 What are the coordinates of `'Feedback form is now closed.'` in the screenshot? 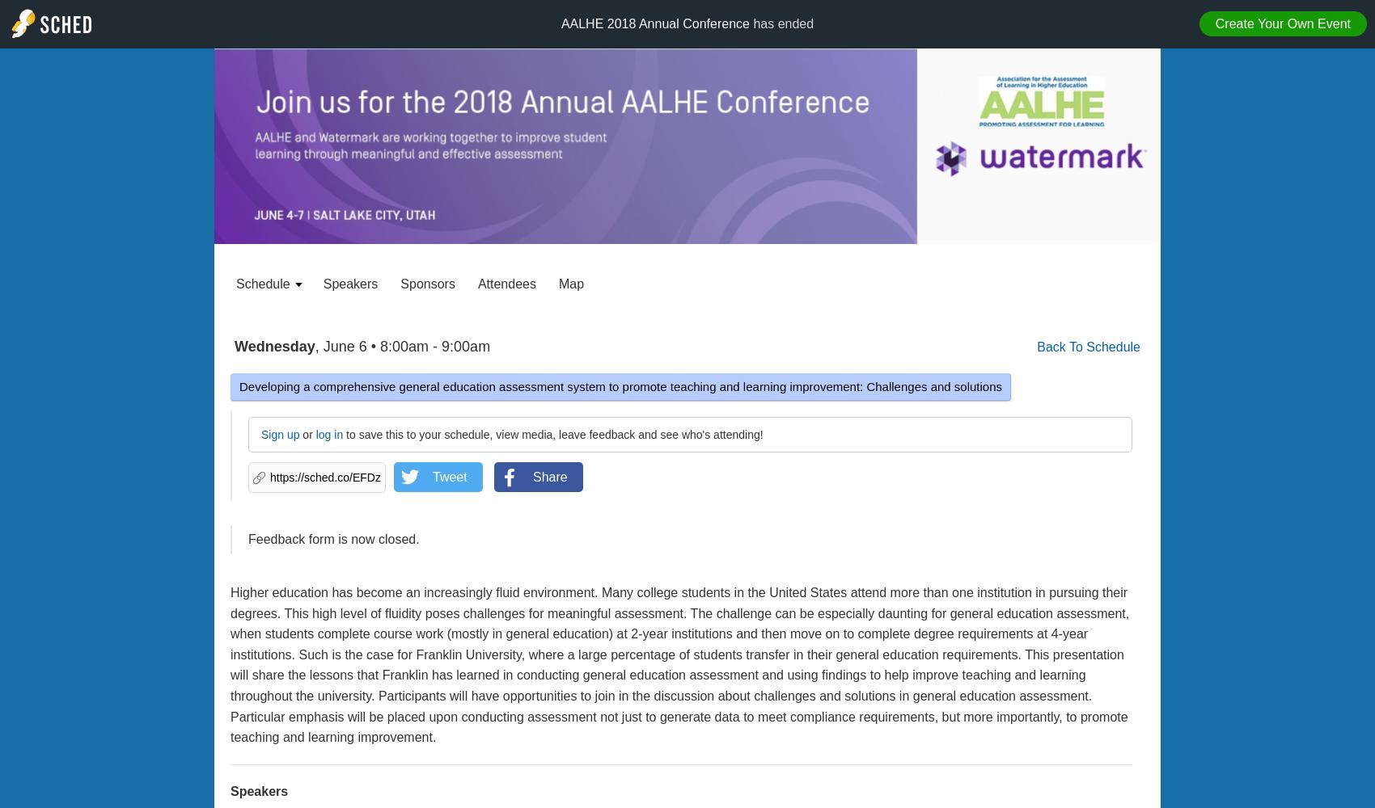 It's located at (332, 539).